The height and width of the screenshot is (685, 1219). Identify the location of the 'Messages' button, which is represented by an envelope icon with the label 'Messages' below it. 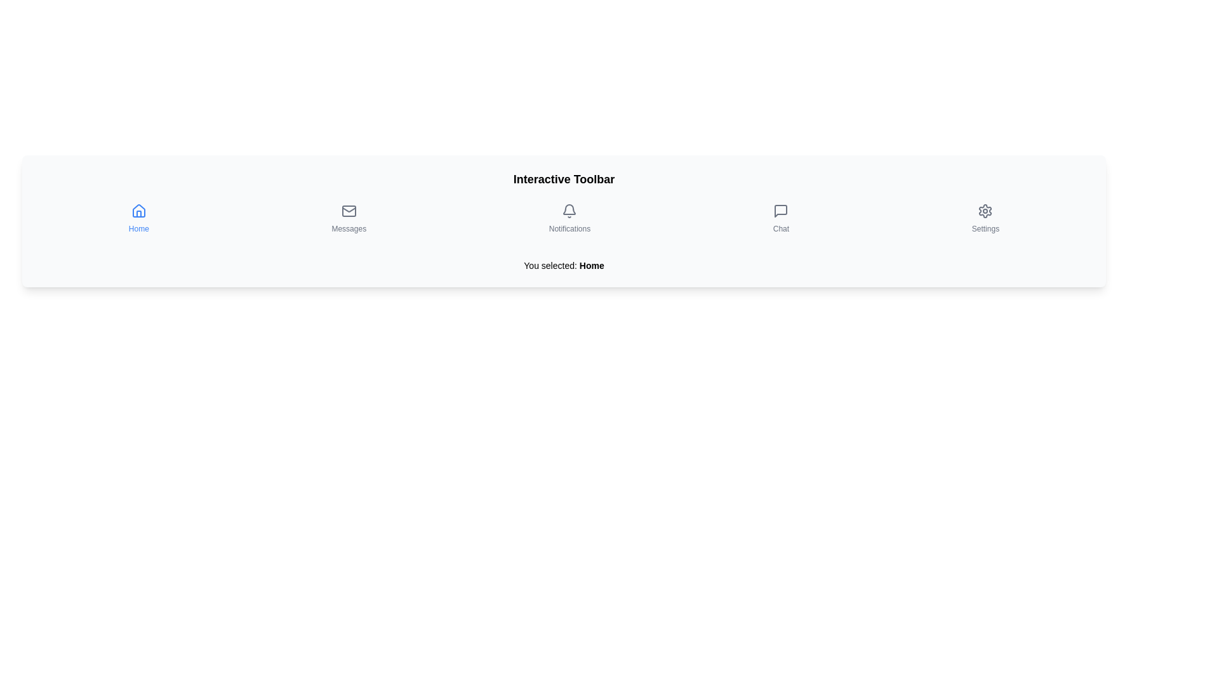
(348, 218).